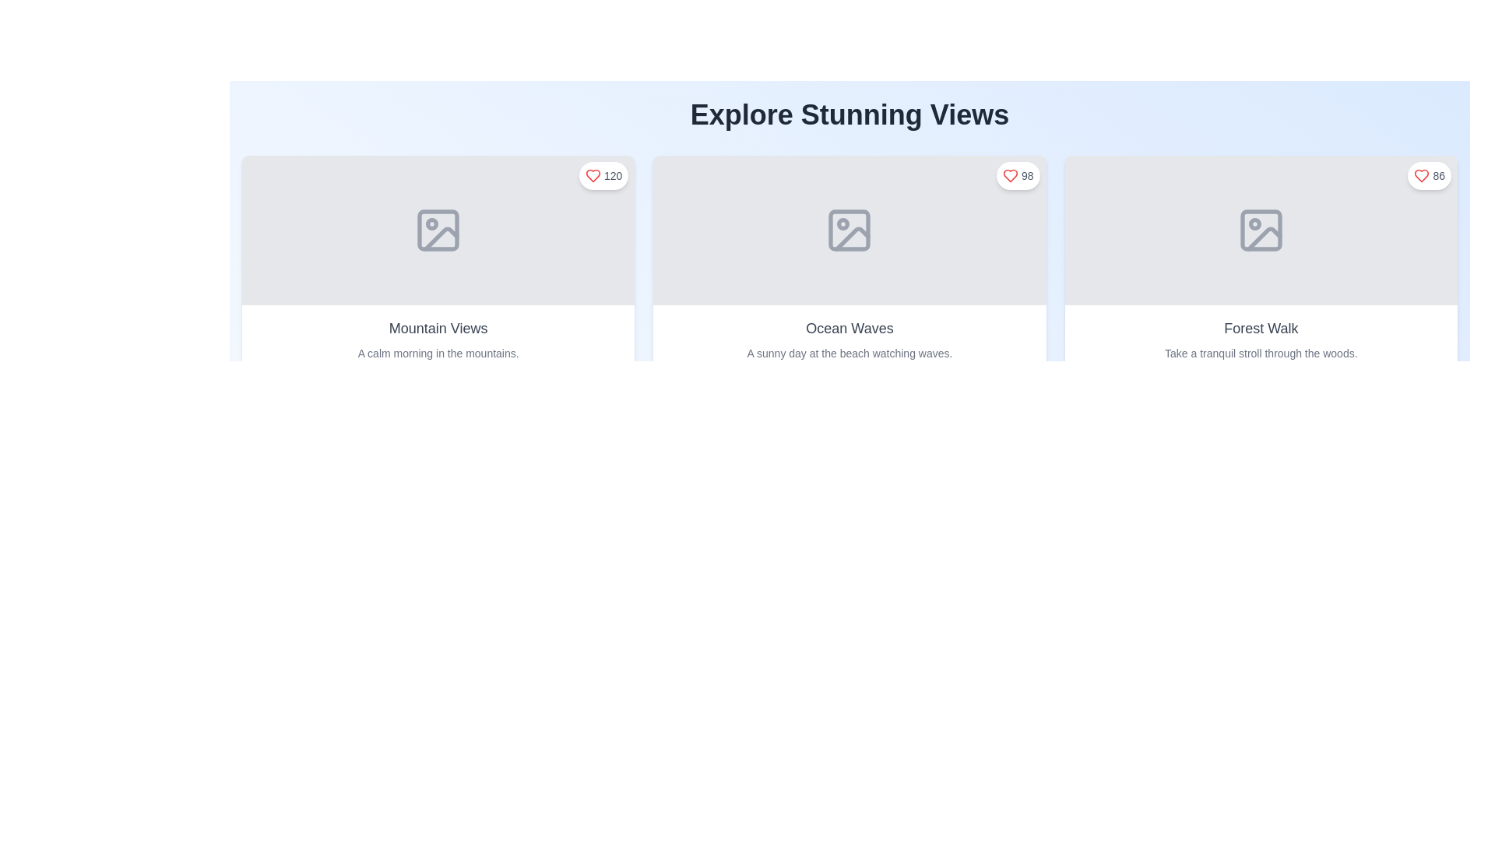 Image resolution: width=1495 pixels, height=841 pixels. I want to click on the image placeholder located within the 'Ocean Waves' card, which is the central card among three horizontally aligned cards, so click(849, 230).